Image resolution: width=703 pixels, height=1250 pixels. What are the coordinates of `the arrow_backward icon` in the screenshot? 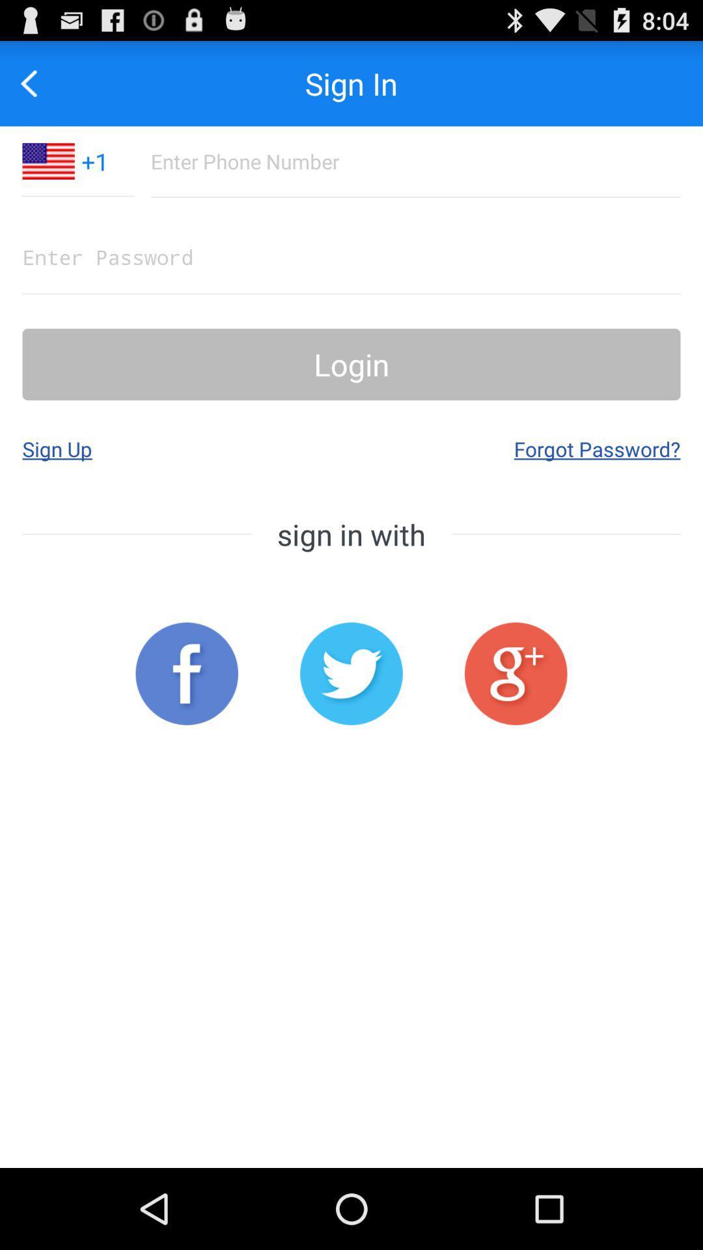 It's located at (35, 89).